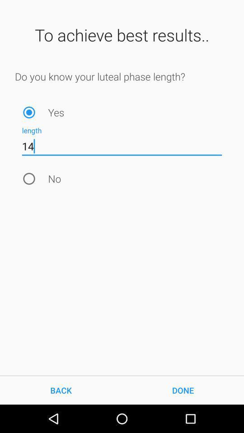  What do you see at coordinates (29, 178) in the screenshot?
I see `option no` at bounding box center [29, 178].